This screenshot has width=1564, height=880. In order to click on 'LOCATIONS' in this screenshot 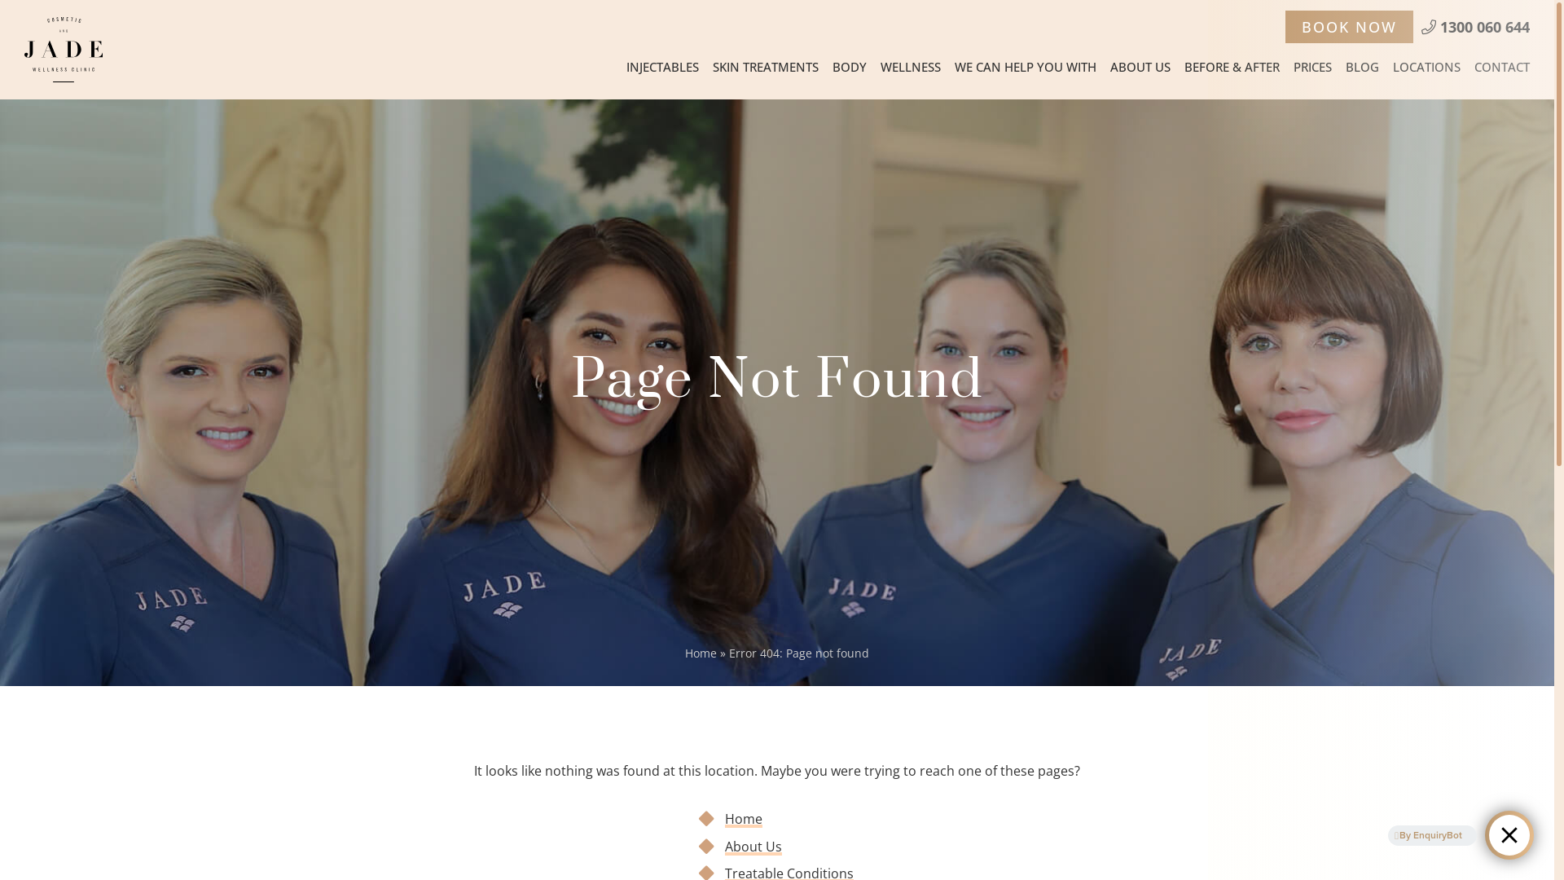, I will do `click(1426, 65)`.